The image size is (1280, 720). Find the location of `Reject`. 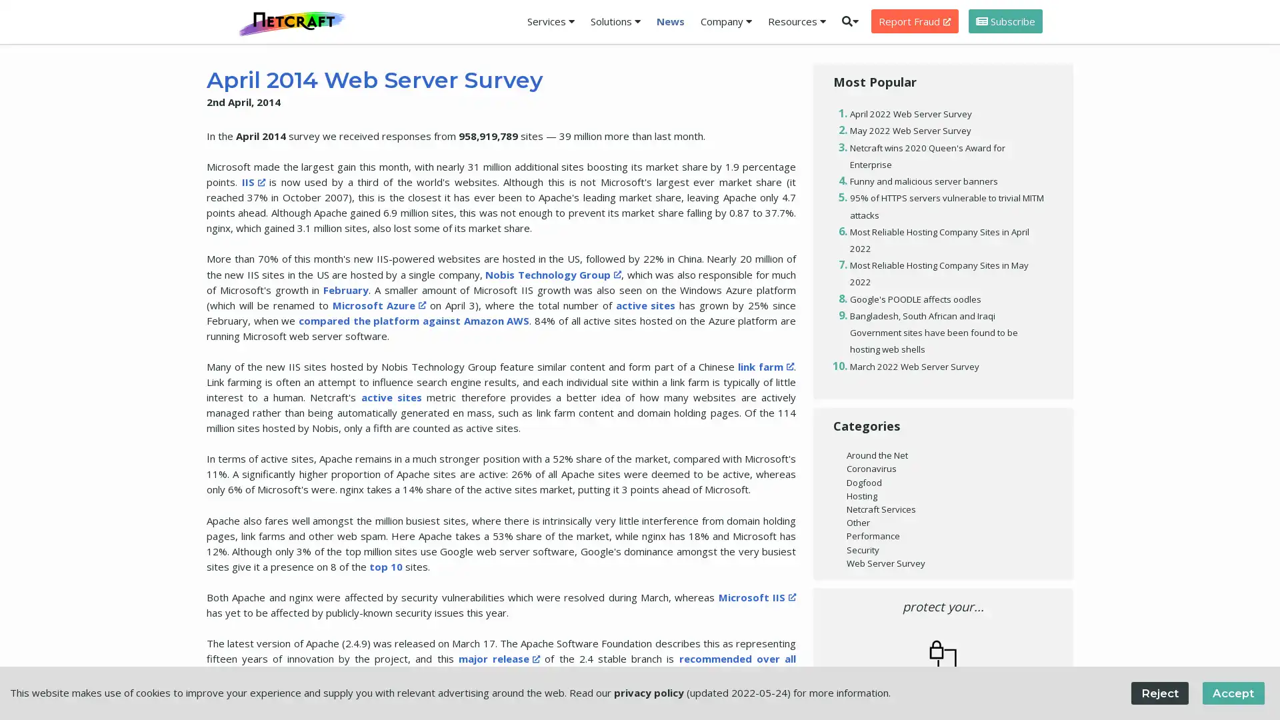

Reject is located at coordinates (1159, 692).